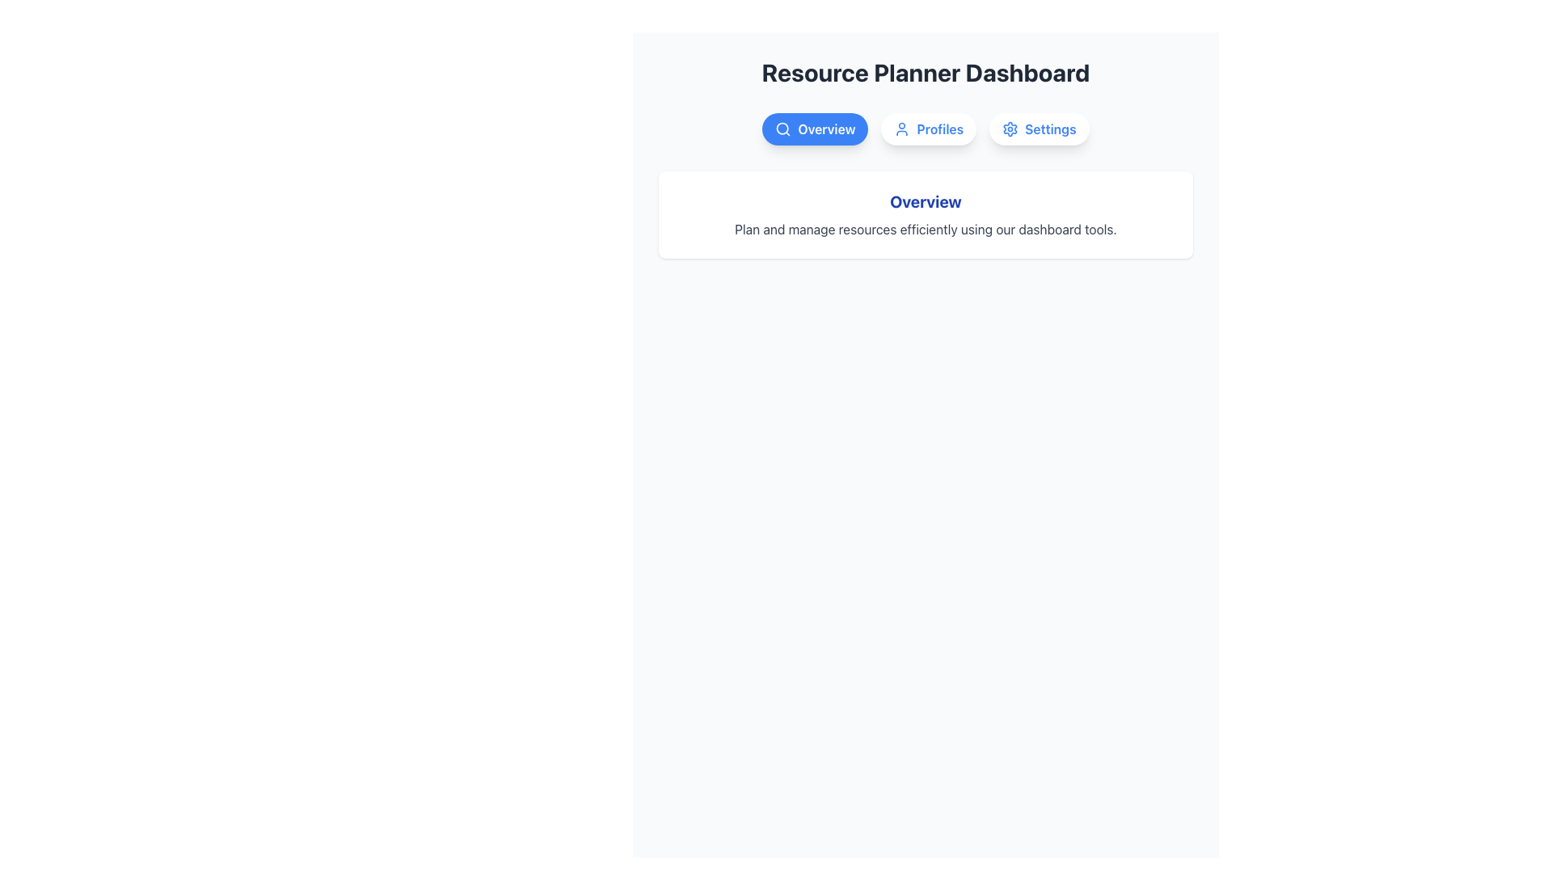 This screenshot has height=873, width=1552. What do you see at coordinates (901, 128) in the screenshot?
I see `the user profile icon, which is a circular head and shoulders shape in blue stroke color, located to the left of the text 'Profiles' in a button-like element` at bounding box center [901, 128].